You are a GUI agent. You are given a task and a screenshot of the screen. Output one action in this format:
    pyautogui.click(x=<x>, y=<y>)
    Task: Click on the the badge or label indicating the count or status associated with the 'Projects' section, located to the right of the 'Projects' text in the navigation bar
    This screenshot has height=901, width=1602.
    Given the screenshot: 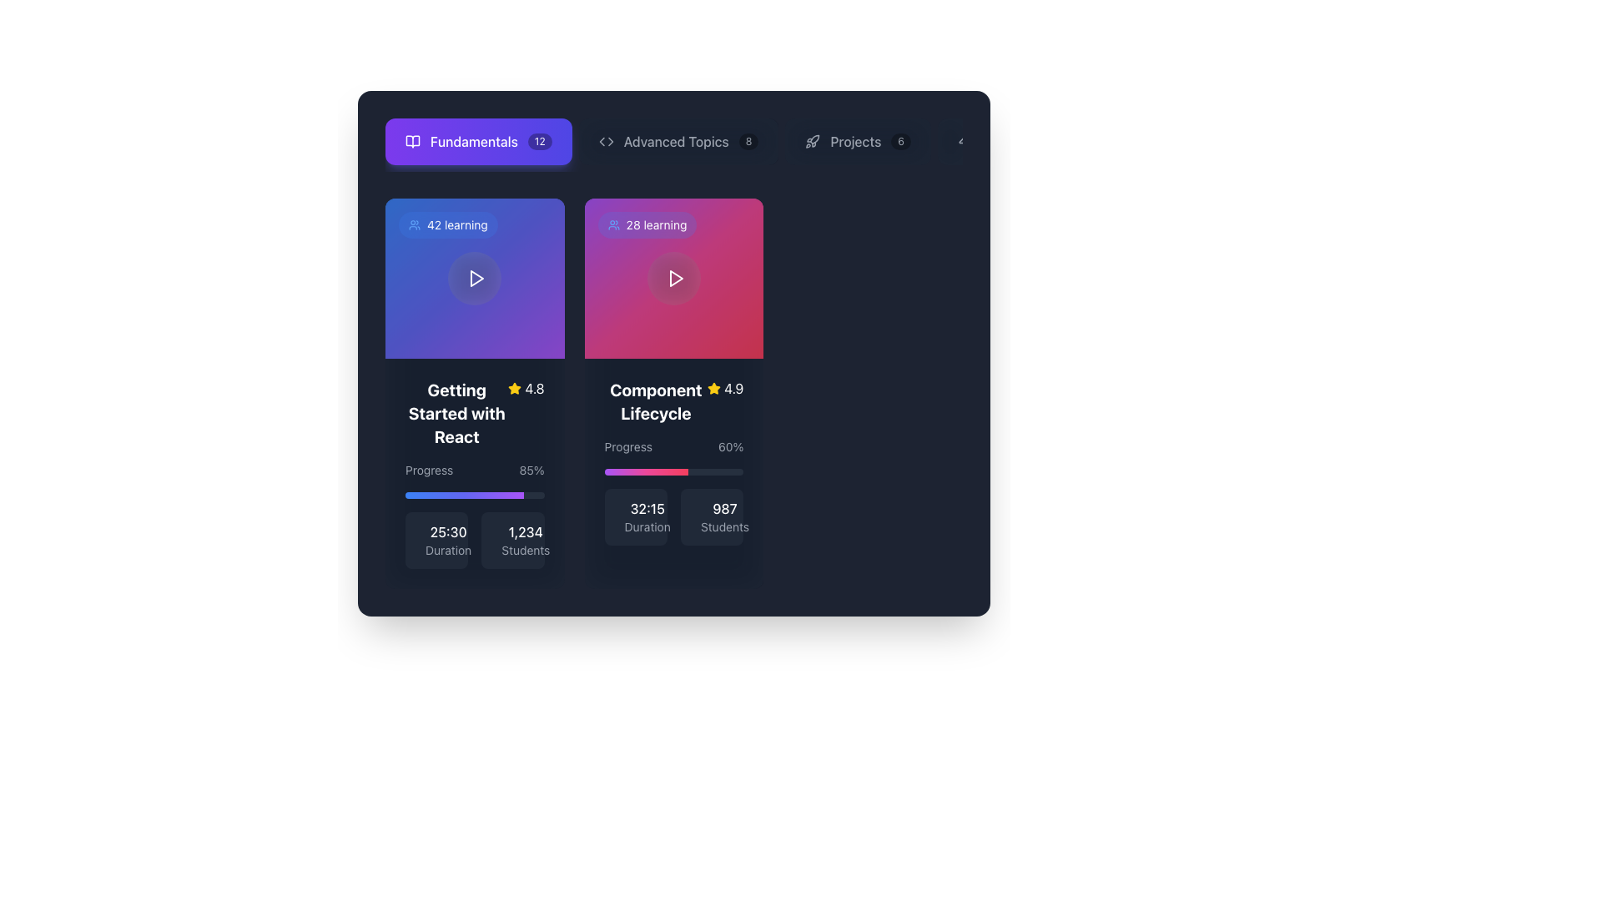 What is the action you would take?
    pyautogui.click(x=900, y=140)
    